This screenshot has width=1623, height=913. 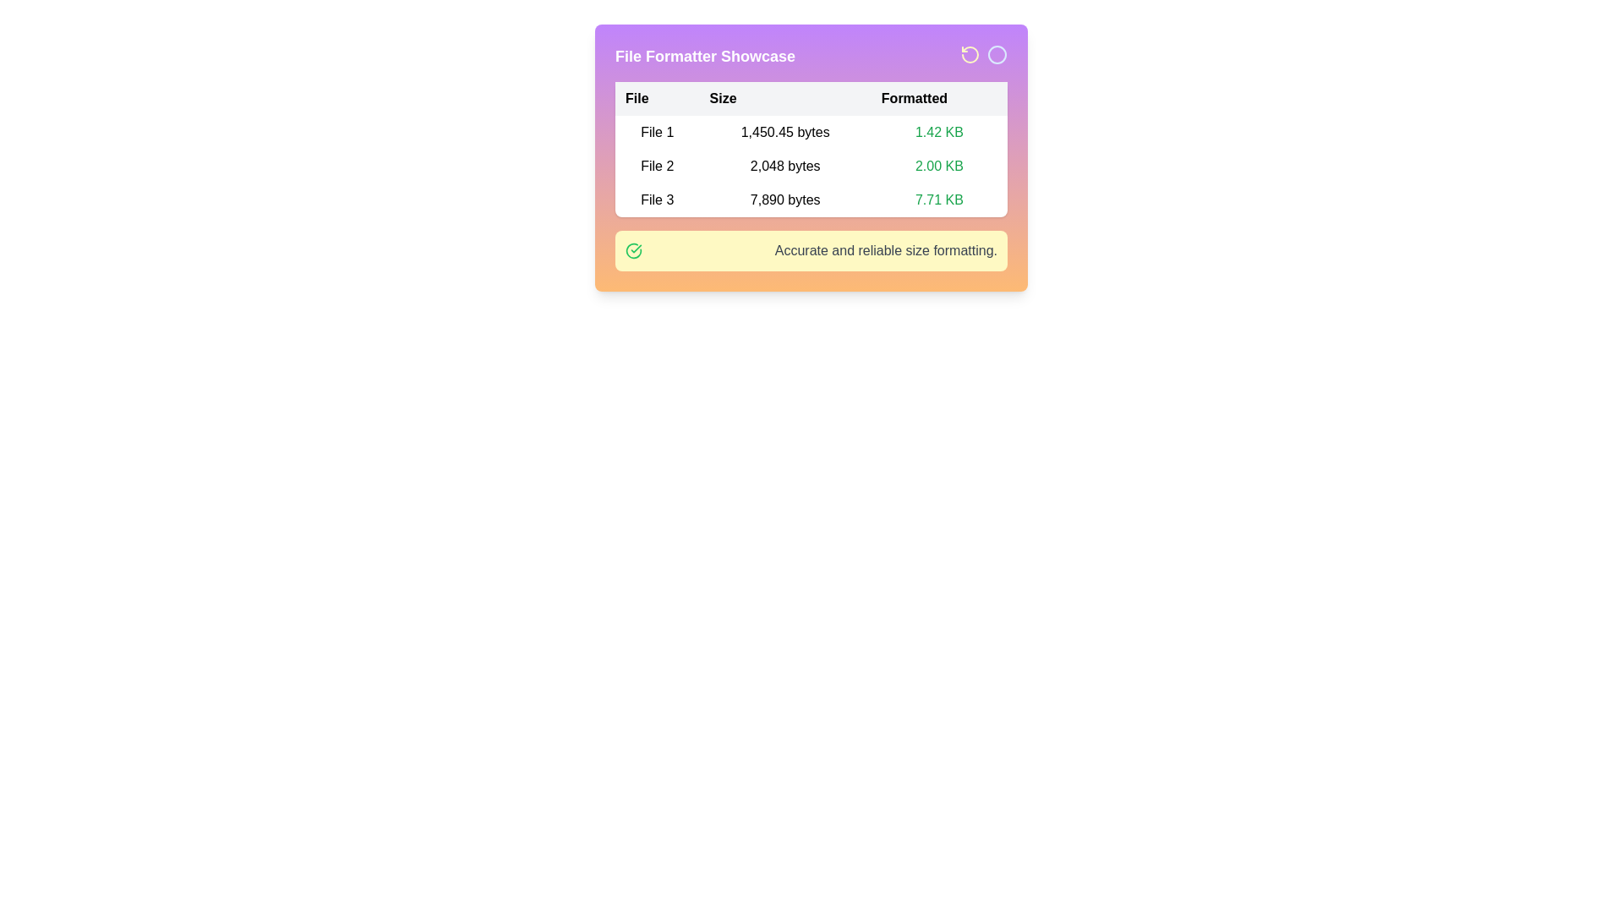 What do you see at coordinates (784, 132) in the screenshot?
I see `the Text Label that displays the file size of 'File 1', which shows '1,450.45 bytes' in the first row of a three-column table` at bounding box center [784, 132].